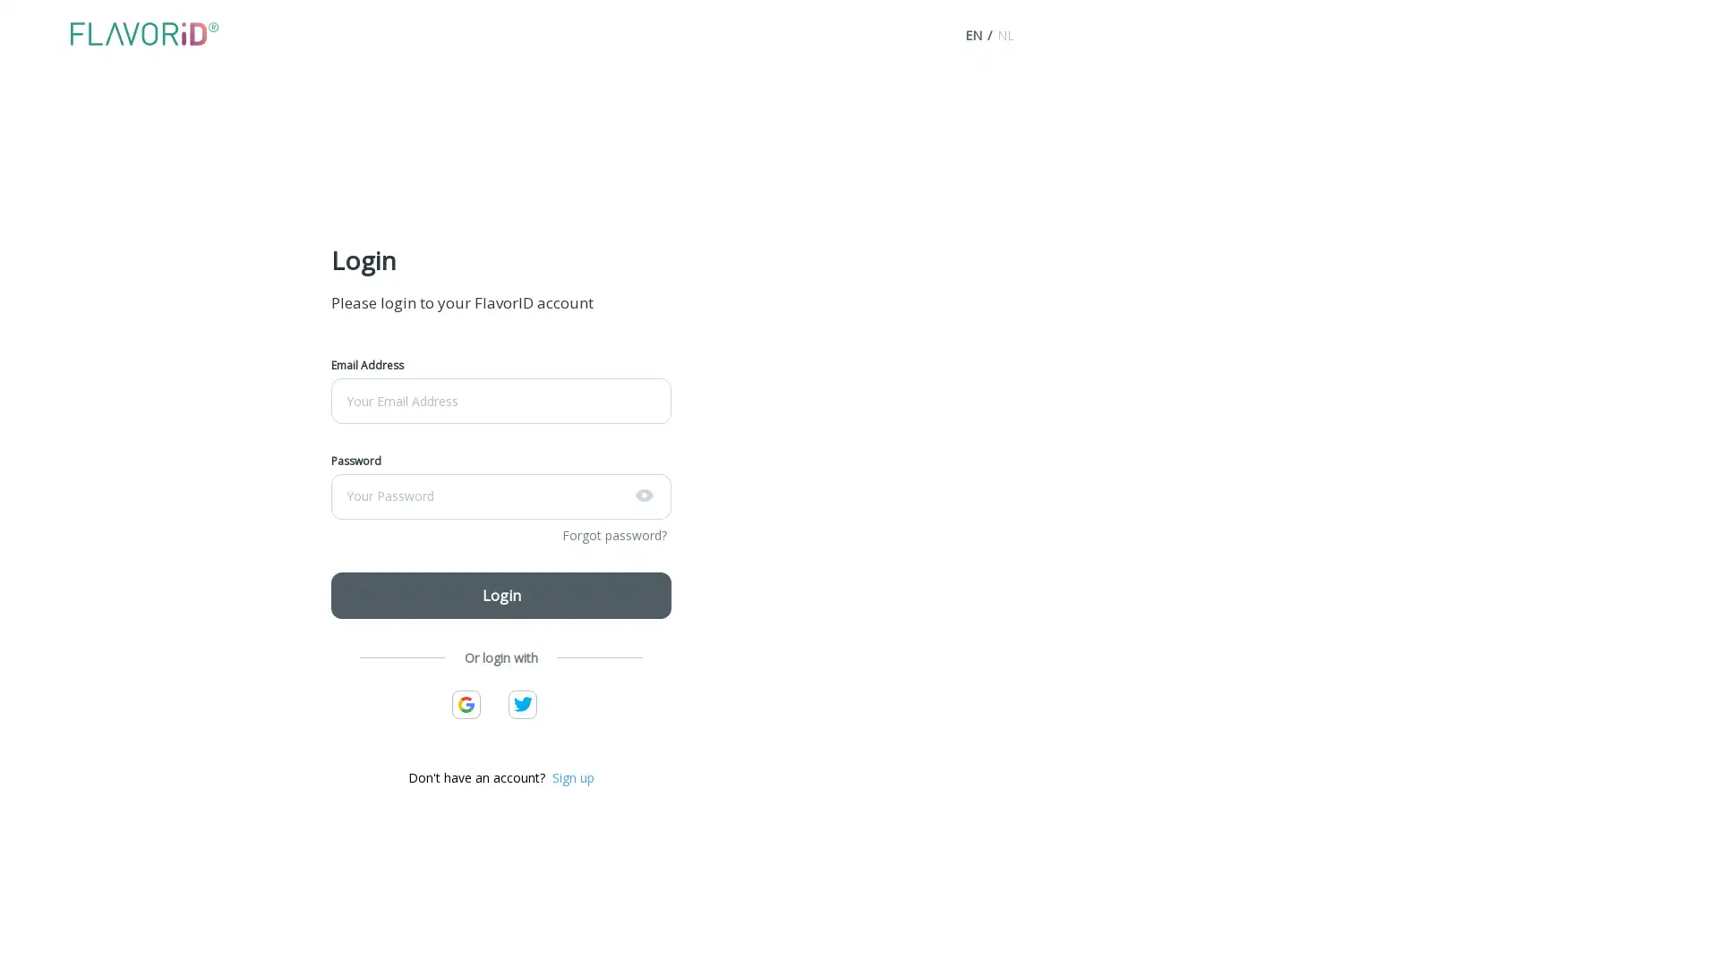  What do you see at coordinates (614, 533) in the screenshot?
I see `Forgot password?` at bounding box center [614, 533].